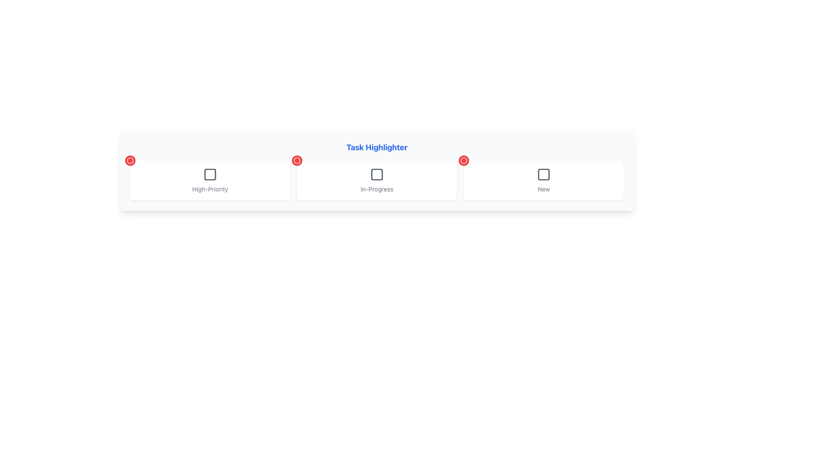 This screenshot has width=834, height=469. Describe the element at coordinates (377, 174) in the screenshot. I see `the primary square icon located in the center of the 'In-Progress' card, which is the second card from the left in a row of three cards under the header text 'Task Highlighter.'` at that location.